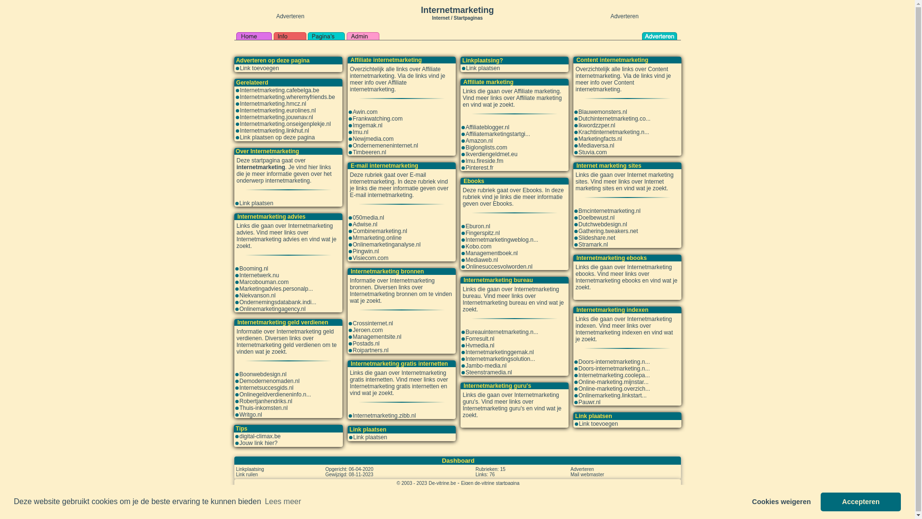 The image size is (922, 519). What do you see at coordinates (352, 146) in the screenshot?
I see `'Ondernemeneninternet.nl'` at bounding box center [352, 146].